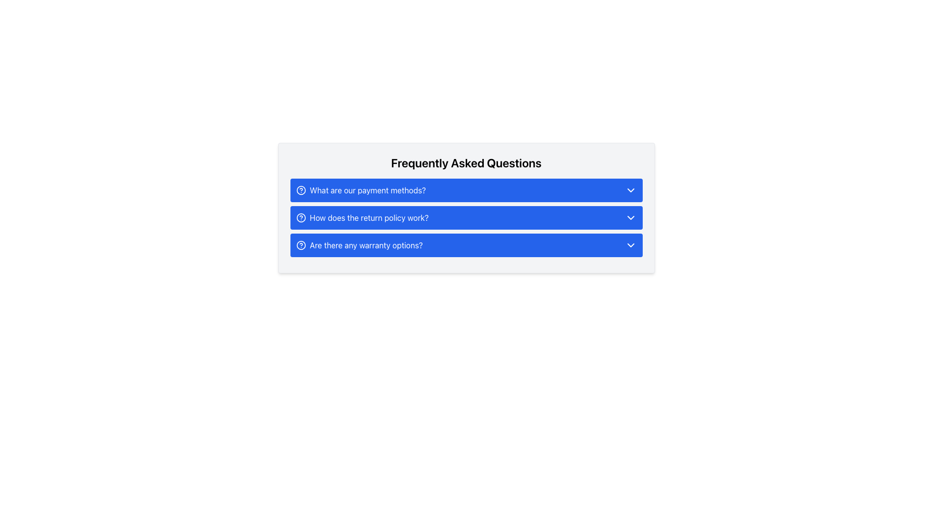  Describe the element at coordinates (362, 217) in the screenshot. I see `the clickable text displaying 'How does the return policy work?' next to the circular help icon` at that location.